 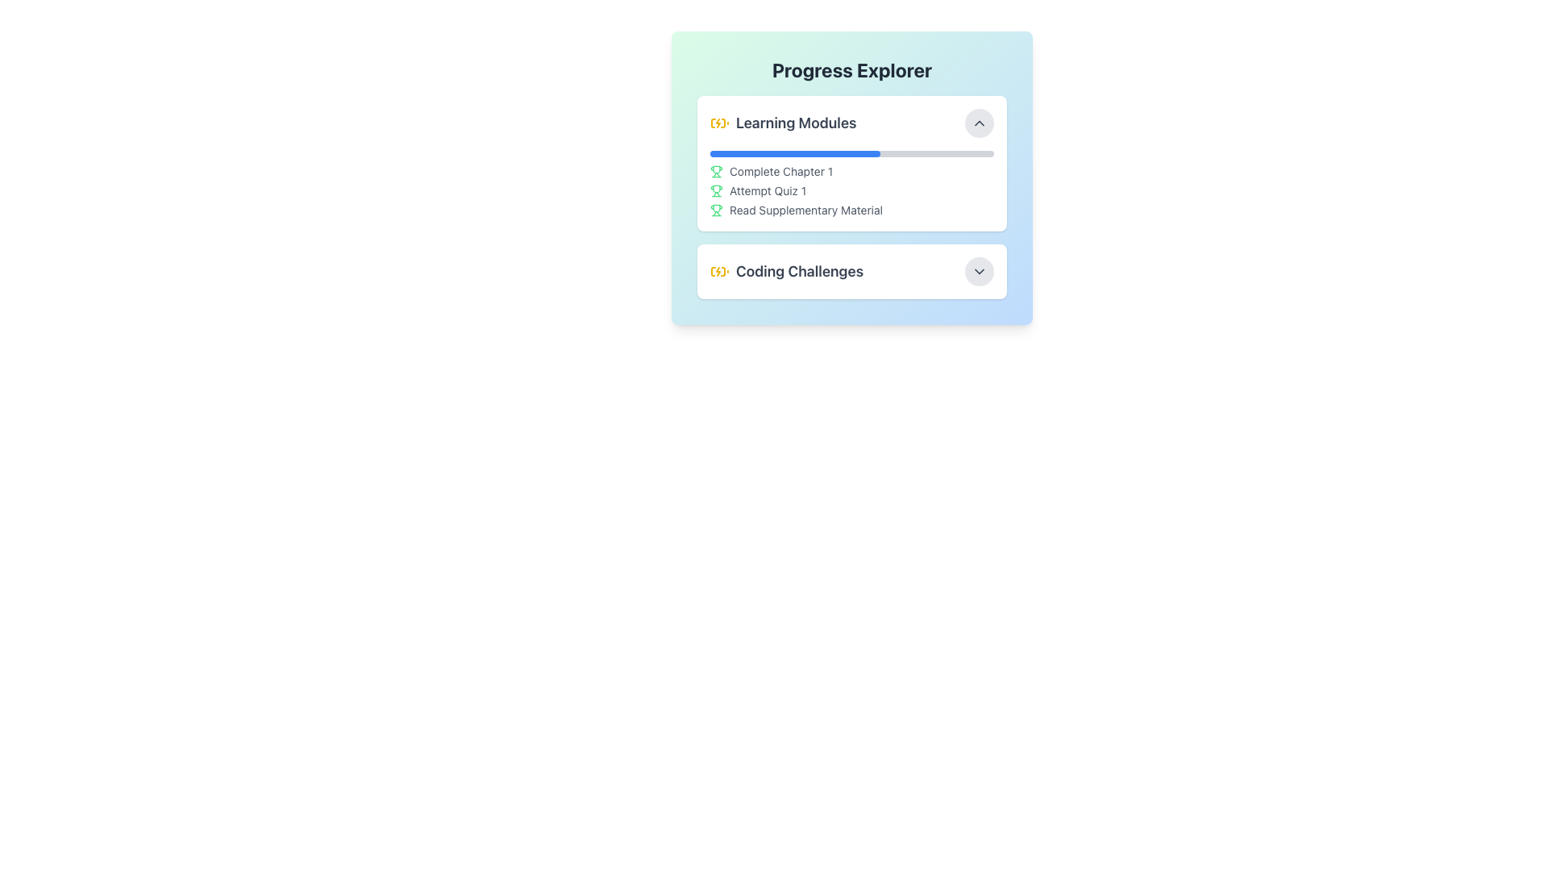 I want to click on the non-interactive Progress bar in the 'Learning Modules' section, which visually represents progress and is located beneath the title and above the list of activities, so click(x=795, y=154).